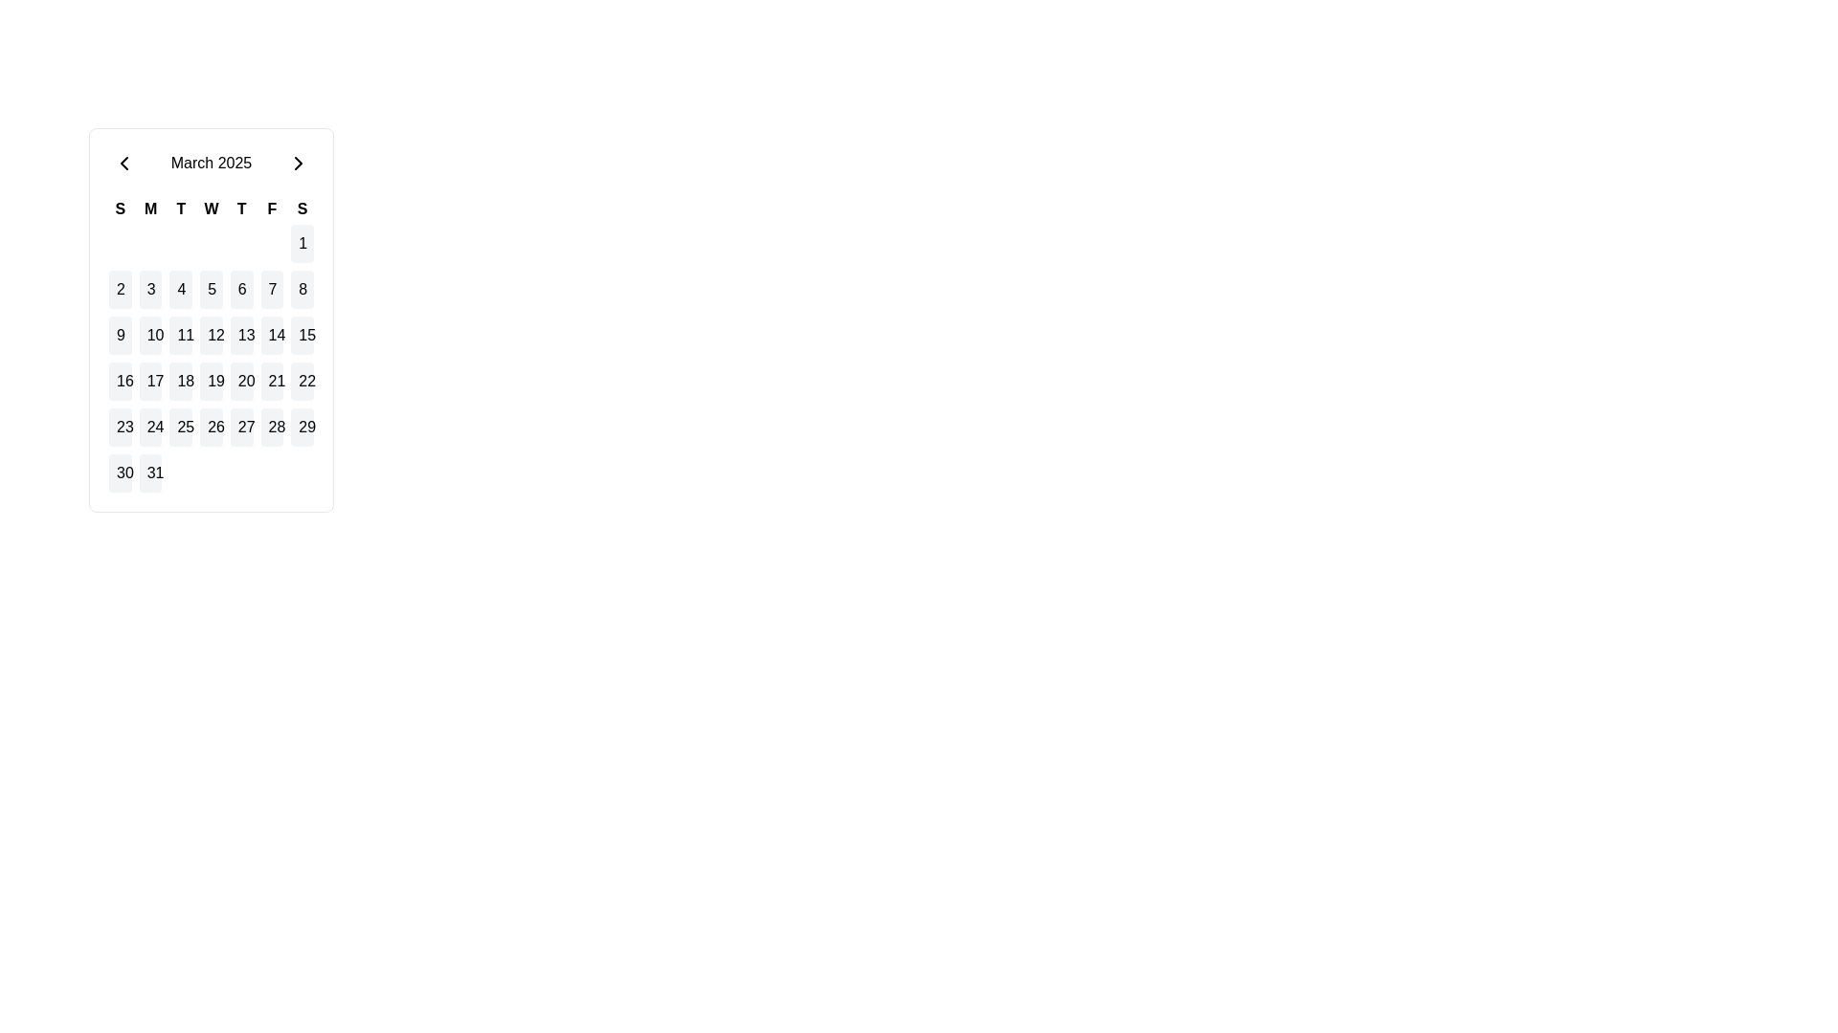  What do you see at coordinates (149, 335) in the screenshot?
I see `the button with the number '10' in bold font, which is located in the fourth column of the third row under the label 'F' for Friday in the calendar layout` at bounding box center [149, 335].